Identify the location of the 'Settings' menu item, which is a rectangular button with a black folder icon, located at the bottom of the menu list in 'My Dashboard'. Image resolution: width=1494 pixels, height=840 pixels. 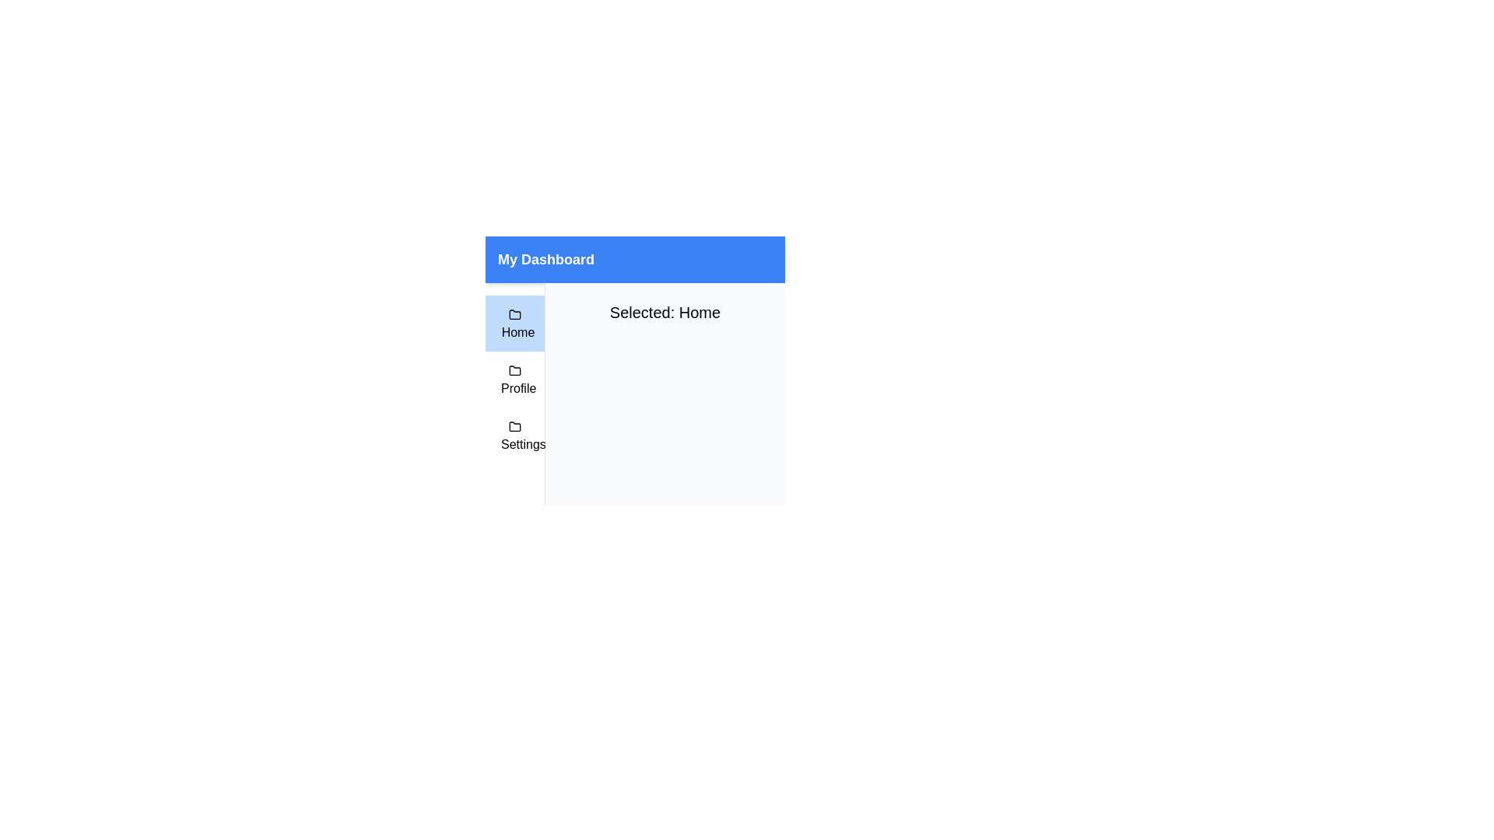
(515, 435).